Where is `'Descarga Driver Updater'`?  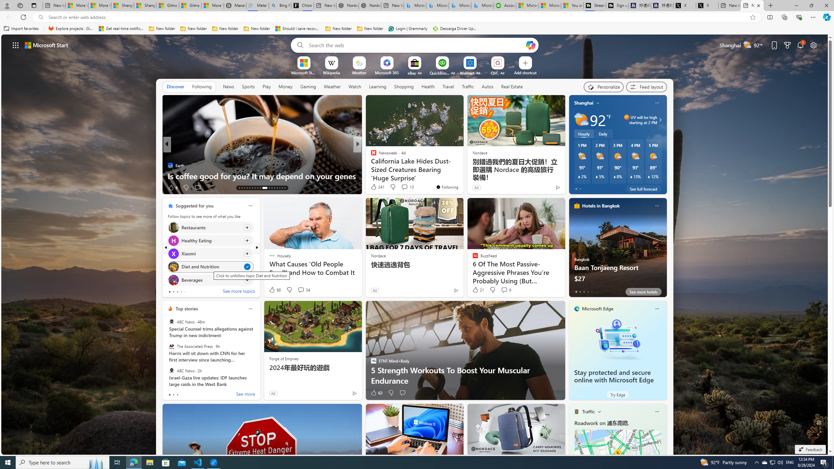 'Descarga Driver Updater' is located at coordinates (455, 28).